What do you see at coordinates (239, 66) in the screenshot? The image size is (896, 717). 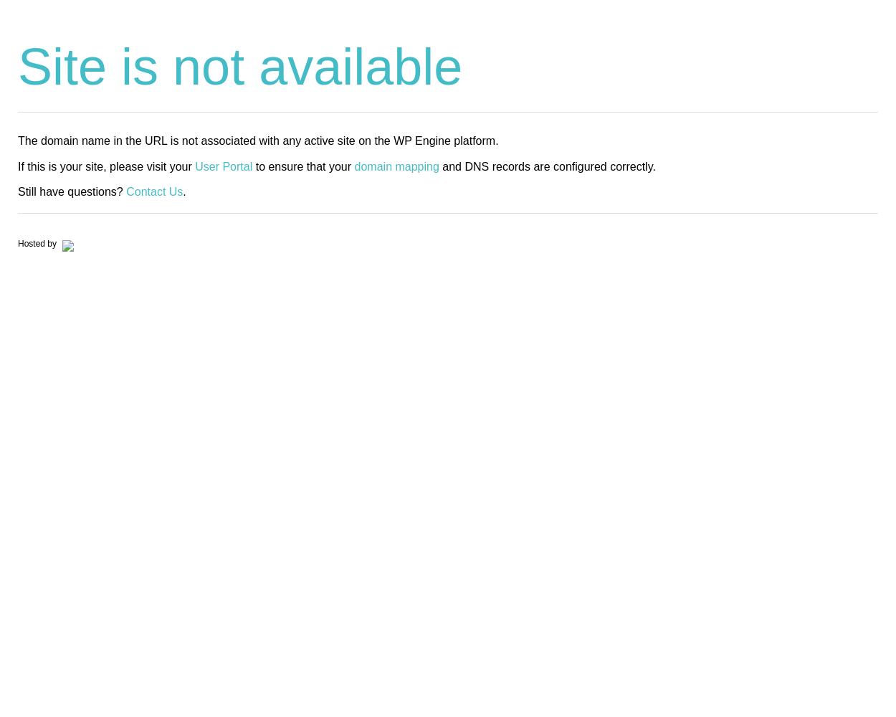 I see `'Site is not available'` at bounding box center [239, 66].